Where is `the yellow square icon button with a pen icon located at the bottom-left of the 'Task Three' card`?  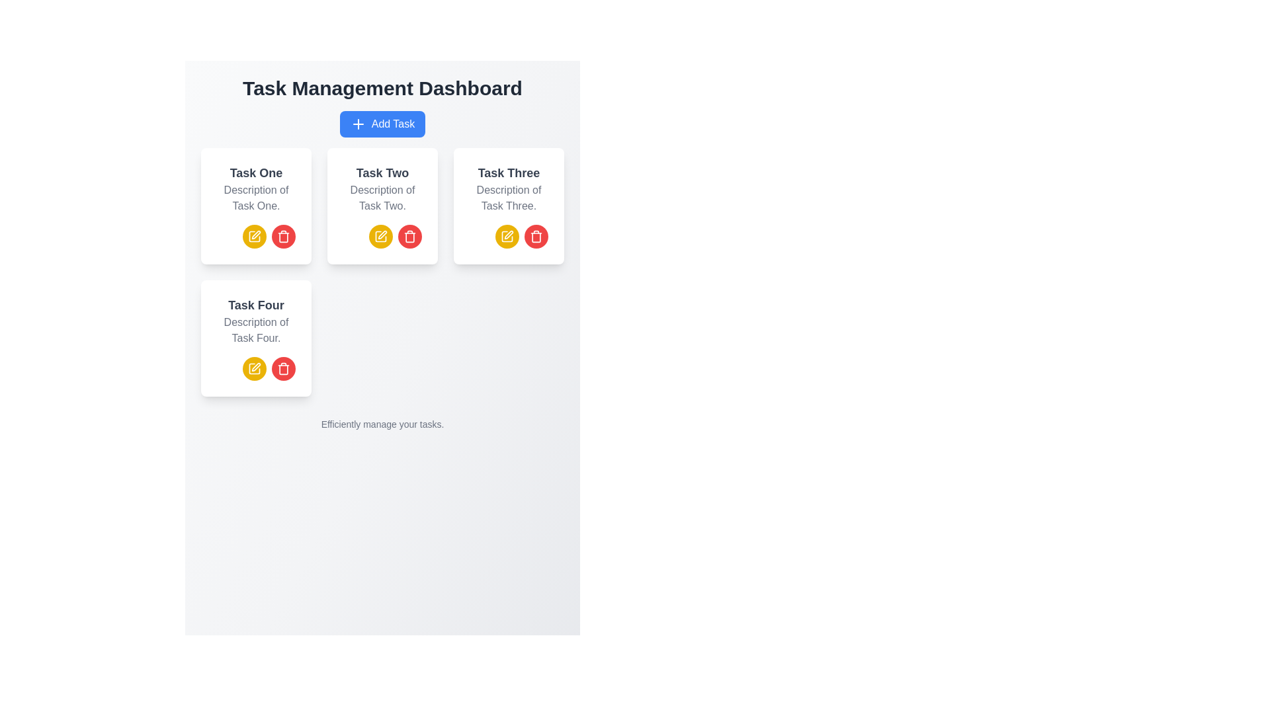 the yellow square icon button with a pen icon located at the bottom-left of the 'Task Three' card is located at coordinates (254, 236).